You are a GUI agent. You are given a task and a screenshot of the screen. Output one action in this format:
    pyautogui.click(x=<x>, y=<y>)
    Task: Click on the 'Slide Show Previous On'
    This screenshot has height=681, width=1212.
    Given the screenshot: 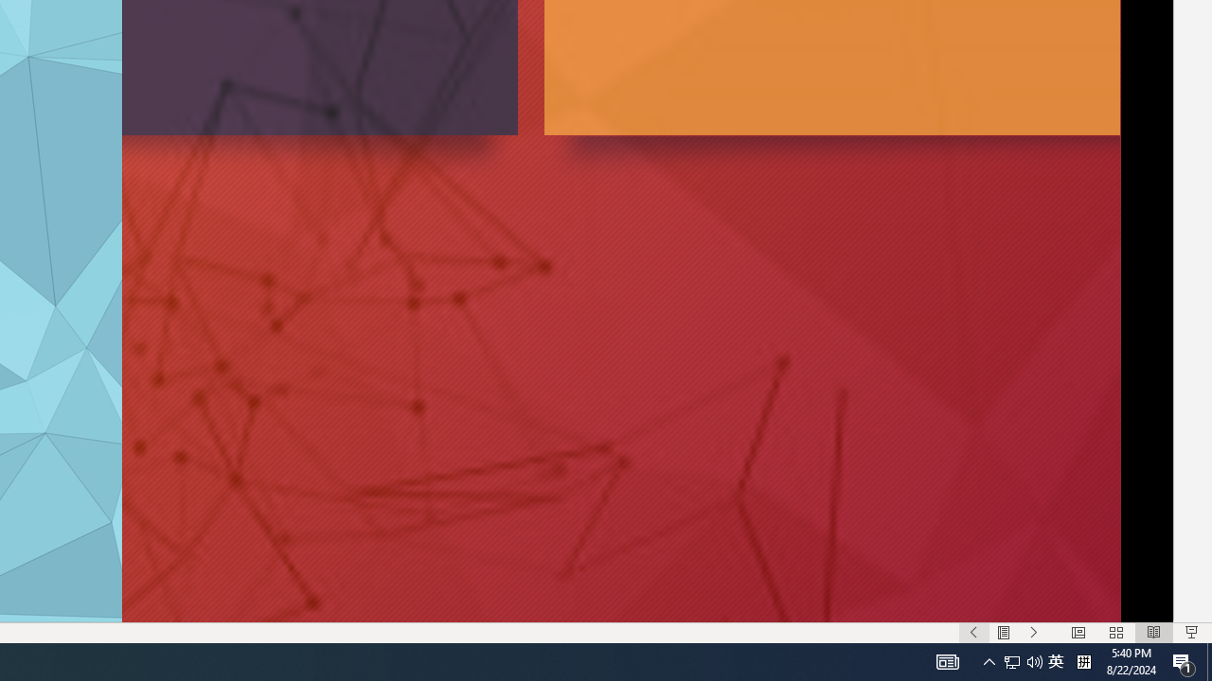 What is the action you would take?
    pyautogui.click(x=973, y=633)
    